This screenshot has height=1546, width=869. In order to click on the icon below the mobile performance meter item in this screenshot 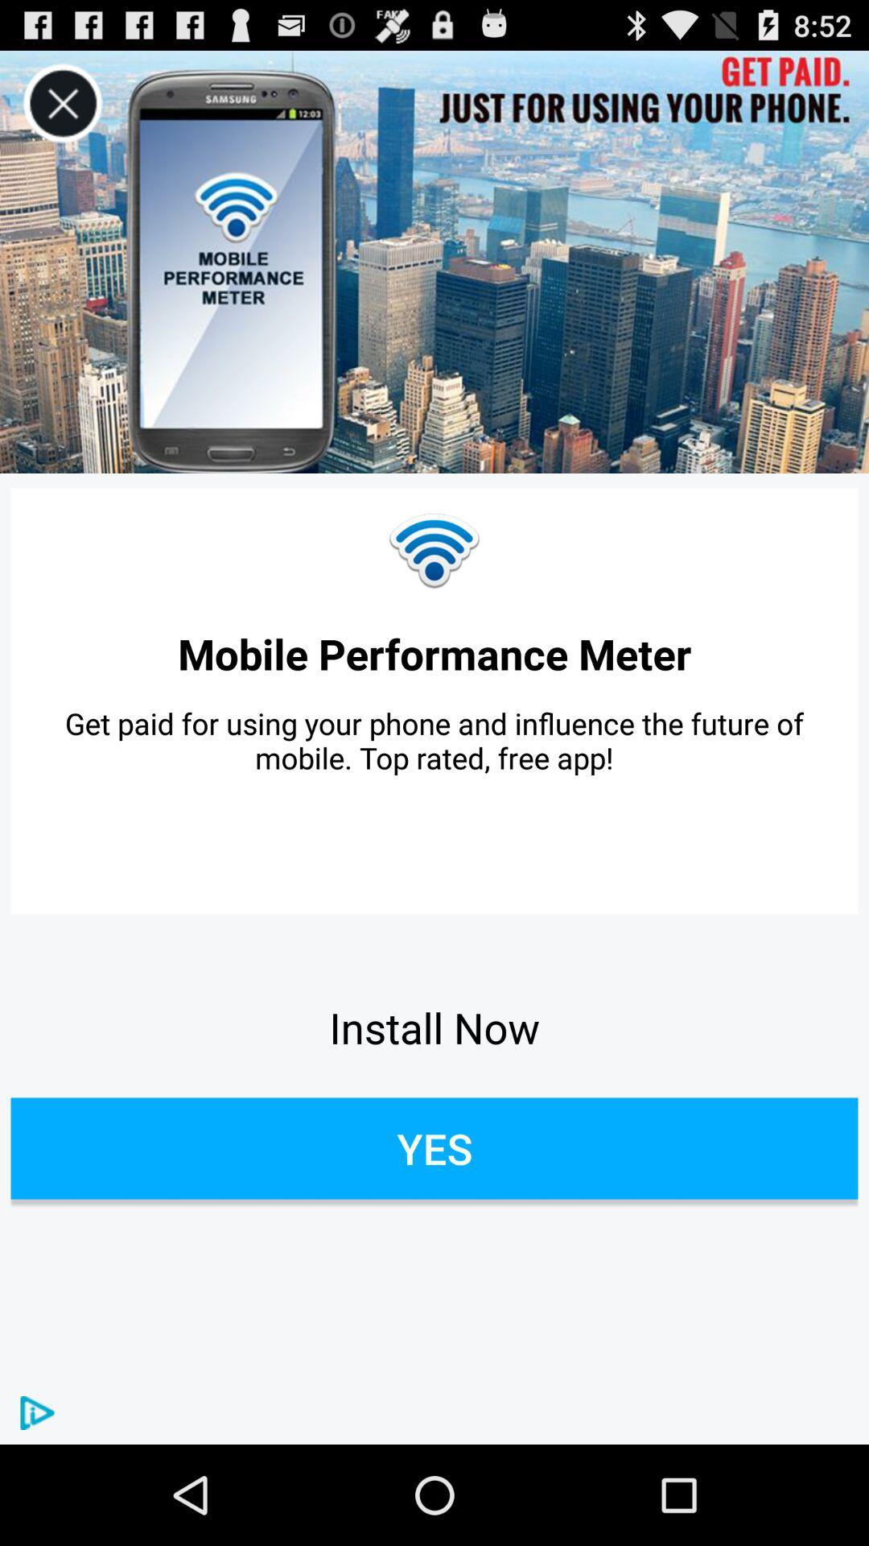, I will do `click(434, 739)`.